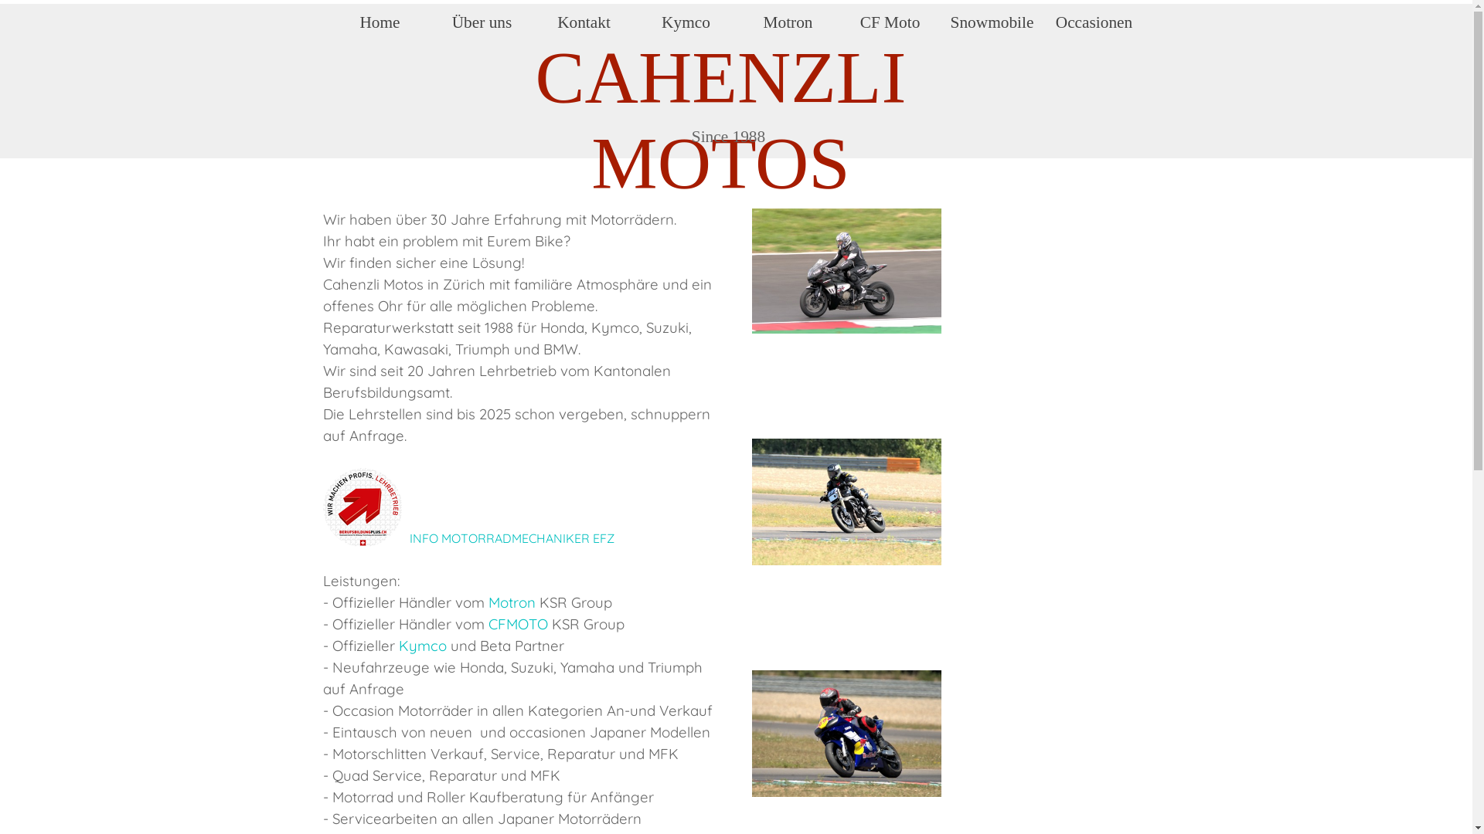 This screenshot has height=834, width=1484. What do you see at coordinates (512, 601) in the screenshot?
I see `'Motron'` at bounding box center [512, 601].